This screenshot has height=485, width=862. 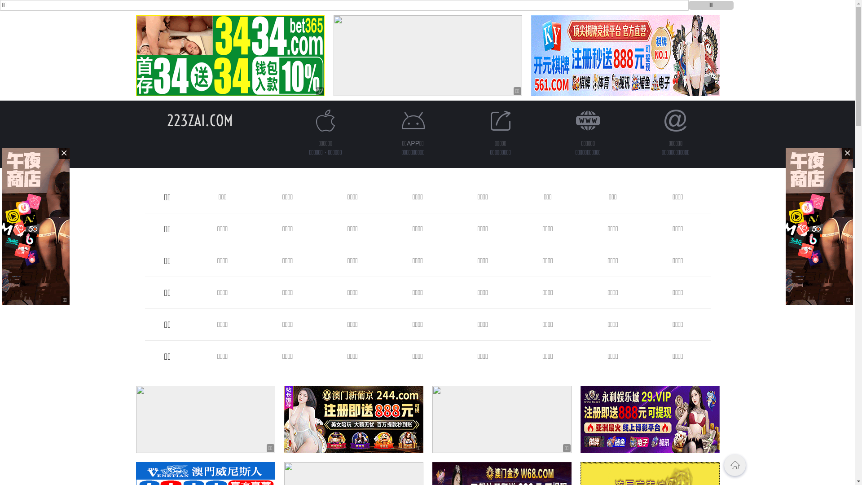 I want to click on '223ZAI.COM', so click(x=167, y=120).